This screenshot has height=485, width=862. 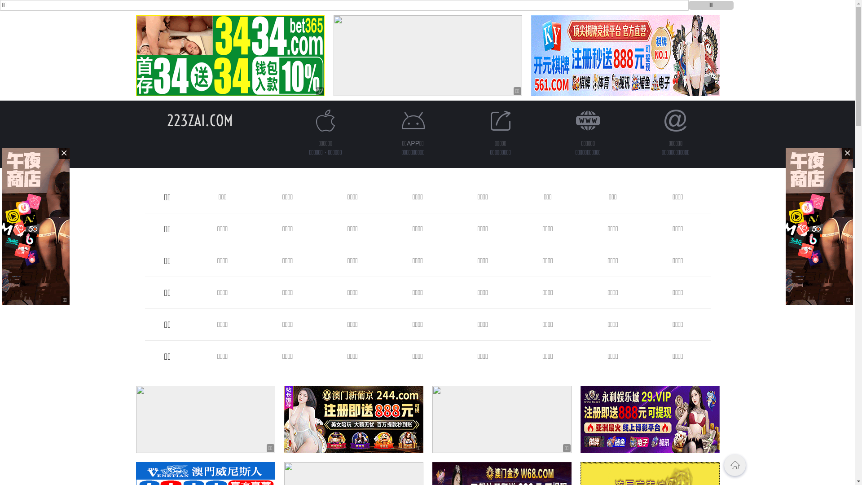 I want to click on '223ZAI.COM', so click(x=167, y=120).